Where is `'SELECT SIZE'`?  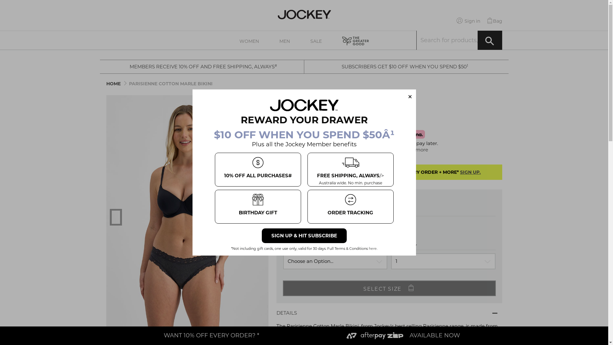 'SELECT SIZE' is located at coordinates (389, 288).